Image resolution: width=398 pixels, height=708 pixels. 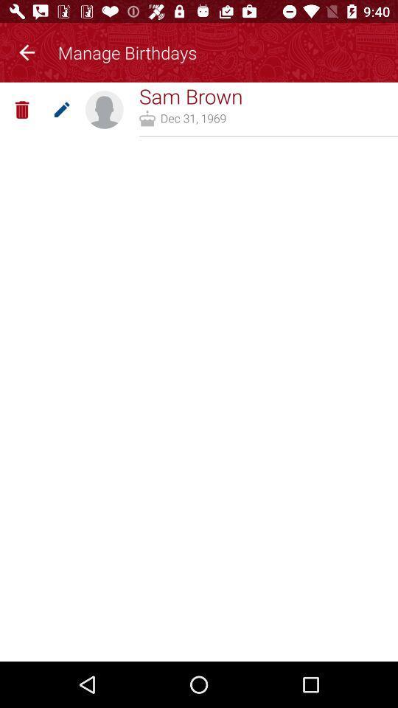 What do you see at coordinates (27, 50) in the screenshot?
I see `the icon next to the manage birthdays app` at bounding box center [27, 50].